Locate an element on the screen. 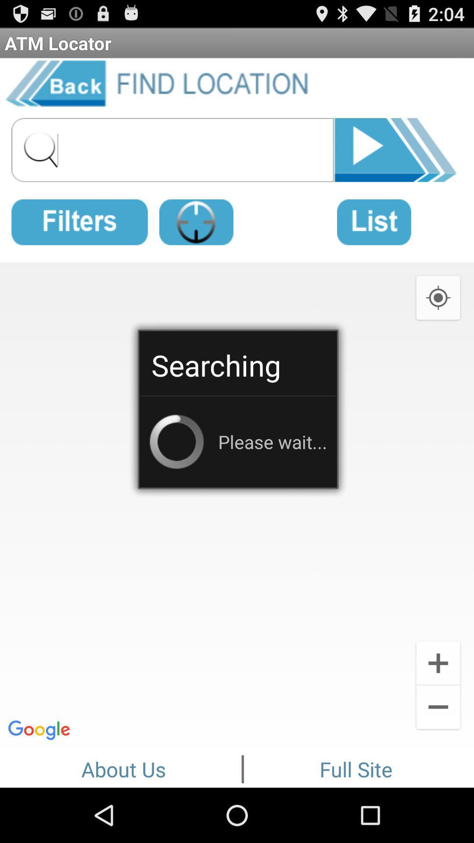 This screenshot has height=843, width=474. the full site is located at coordinates (356, 767).